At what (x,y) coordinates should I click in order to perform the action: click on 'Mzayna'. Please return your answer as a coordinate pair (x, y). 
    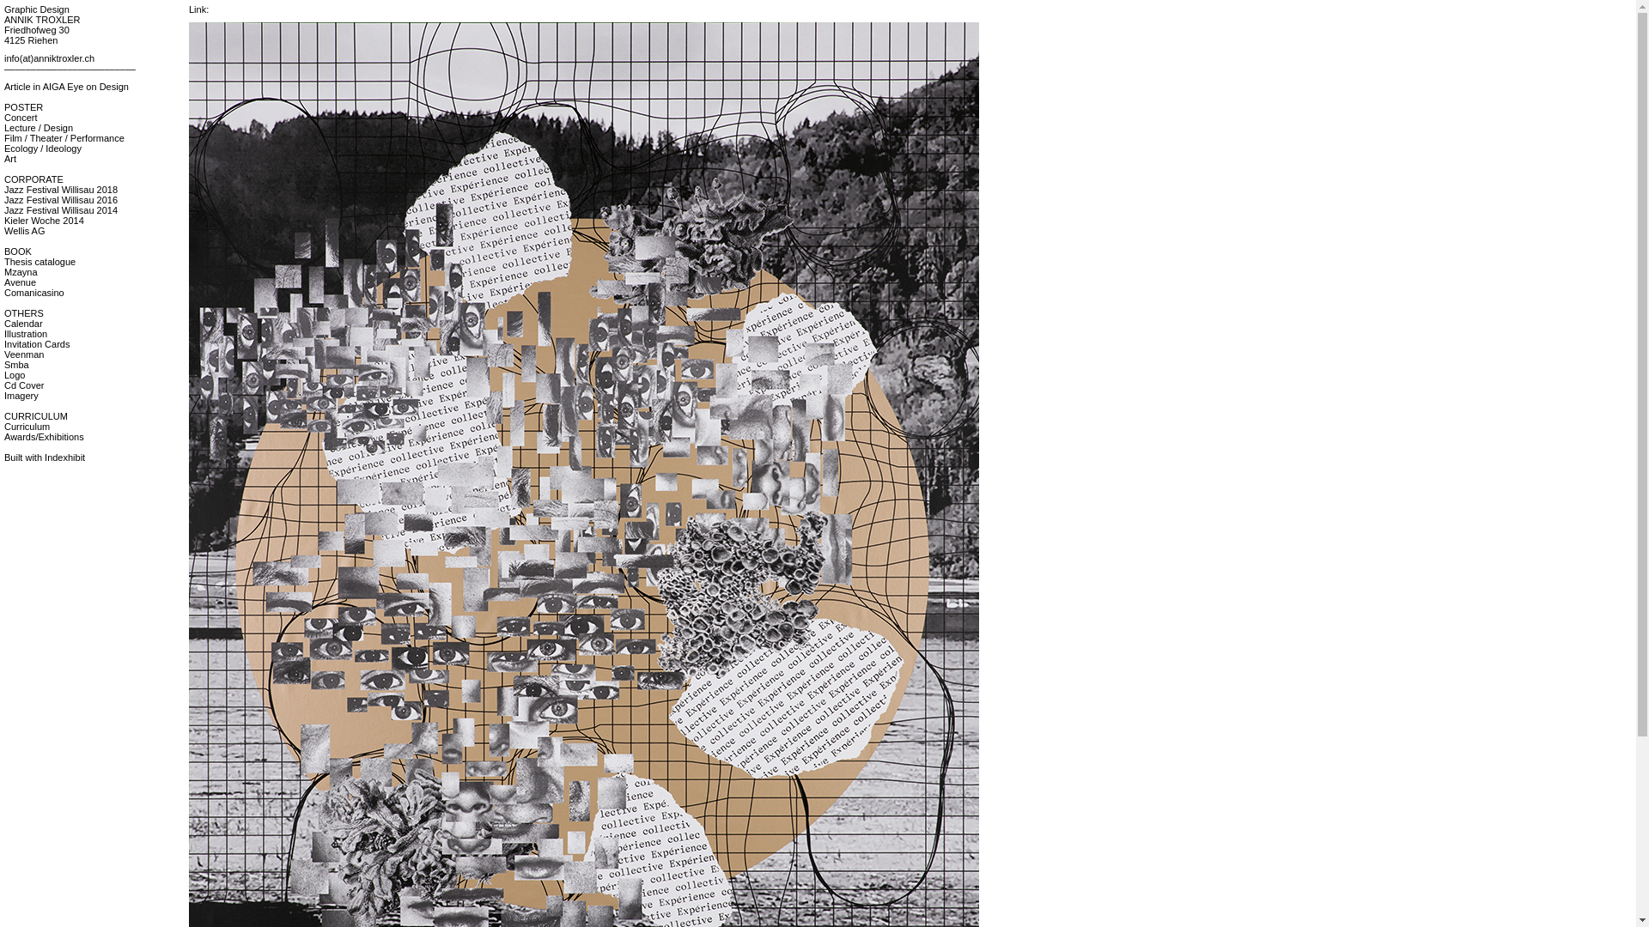
    Looking at the image, I should click on (21, 270).